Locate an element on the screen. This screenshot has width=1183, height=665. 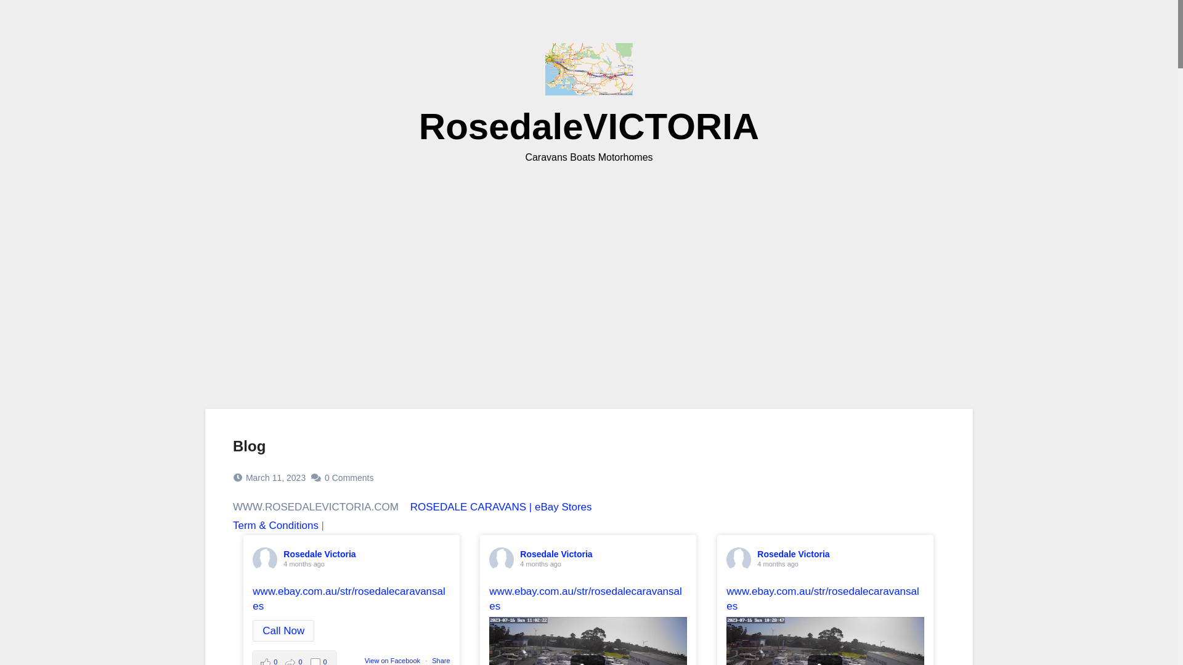
'March 11, 2023' is located at coordinates (275, 477).